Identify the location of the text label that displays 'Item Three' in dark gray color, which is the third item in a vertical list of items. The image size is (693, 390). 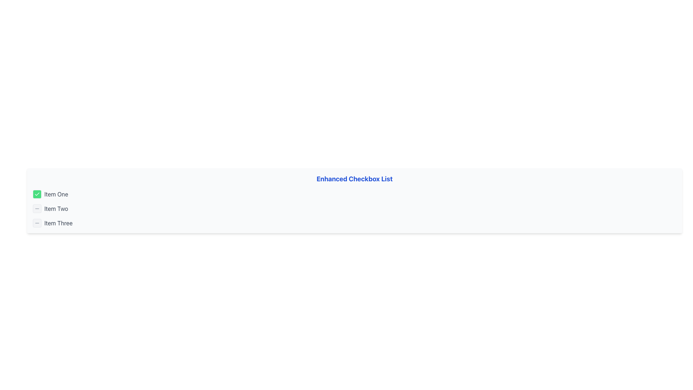
(58, 222).